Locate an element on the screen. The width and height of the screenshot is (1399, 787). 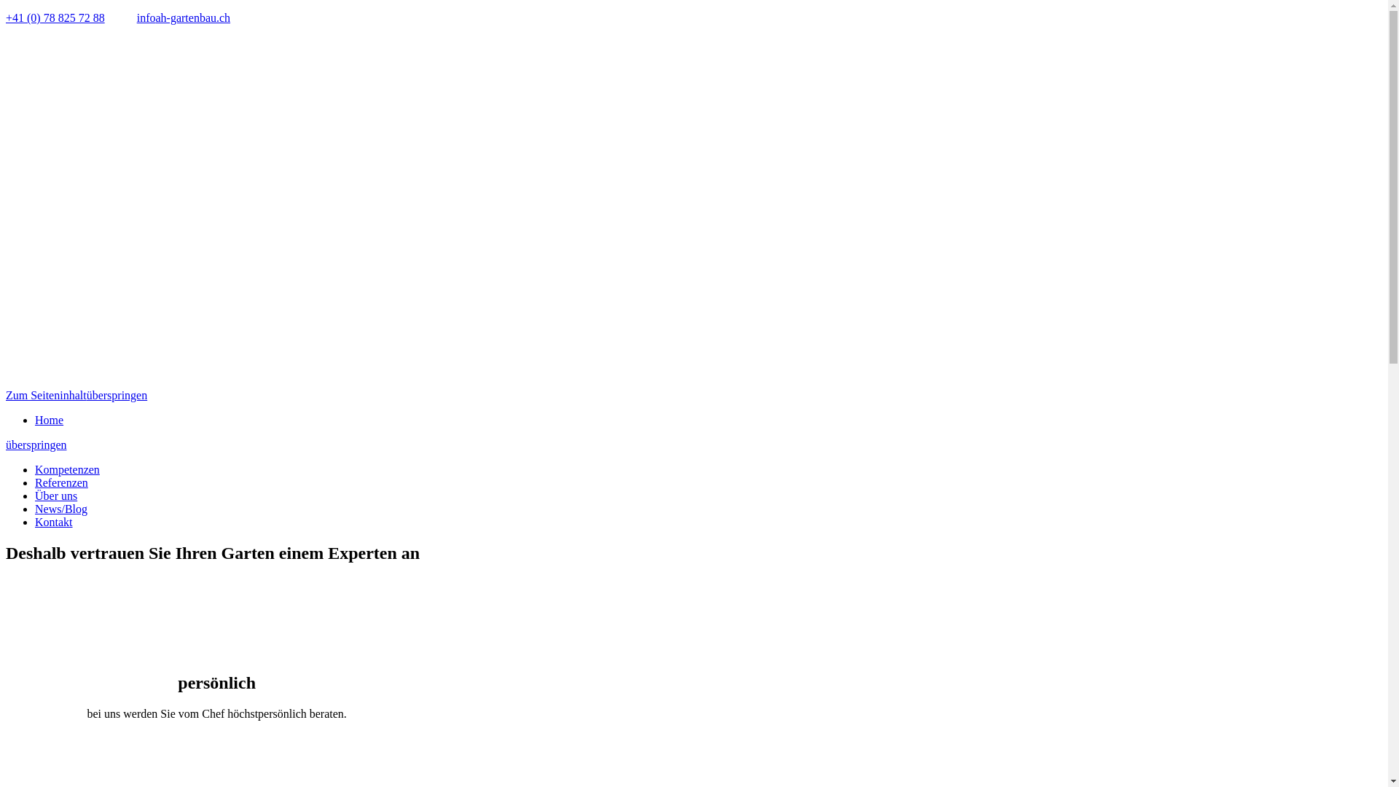
'Home' is located at coordinates (49, 420).